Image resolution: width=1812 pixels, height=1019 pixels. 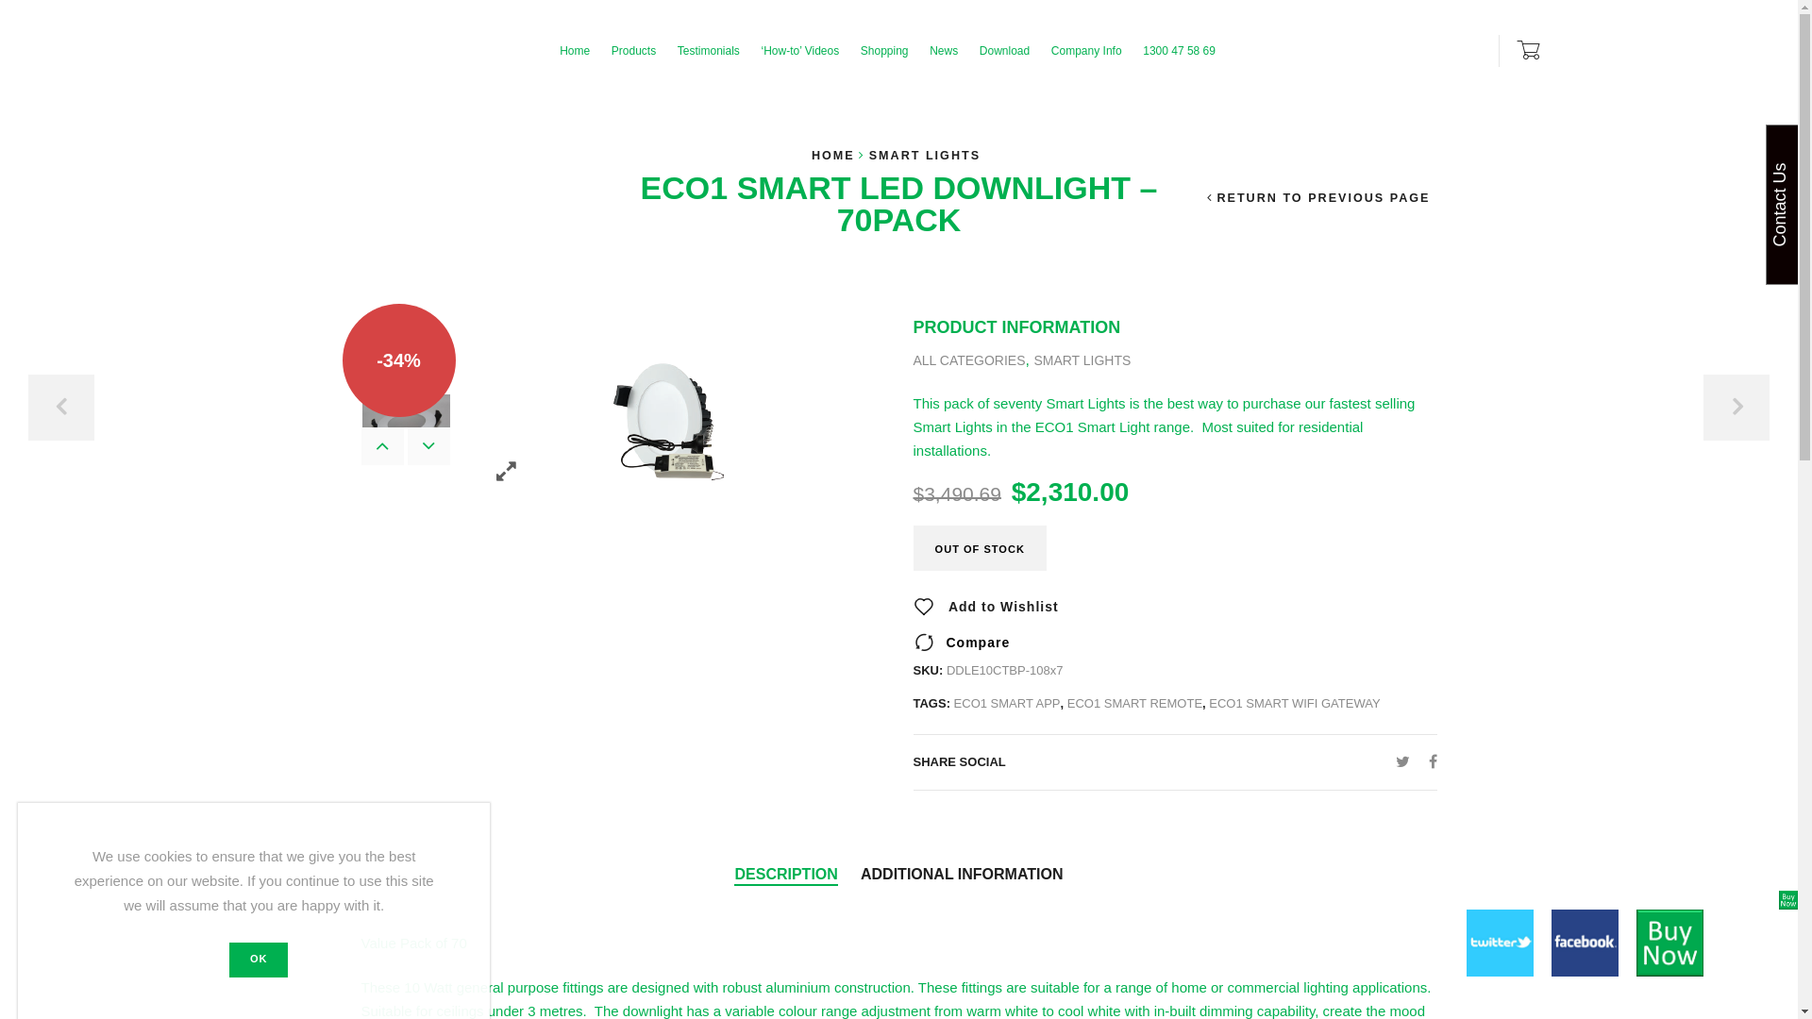 What do you see at coordinates (924, 155) in the screenshot?
I see `'SMART LIGHTS'` at bounding box center [924, 155].